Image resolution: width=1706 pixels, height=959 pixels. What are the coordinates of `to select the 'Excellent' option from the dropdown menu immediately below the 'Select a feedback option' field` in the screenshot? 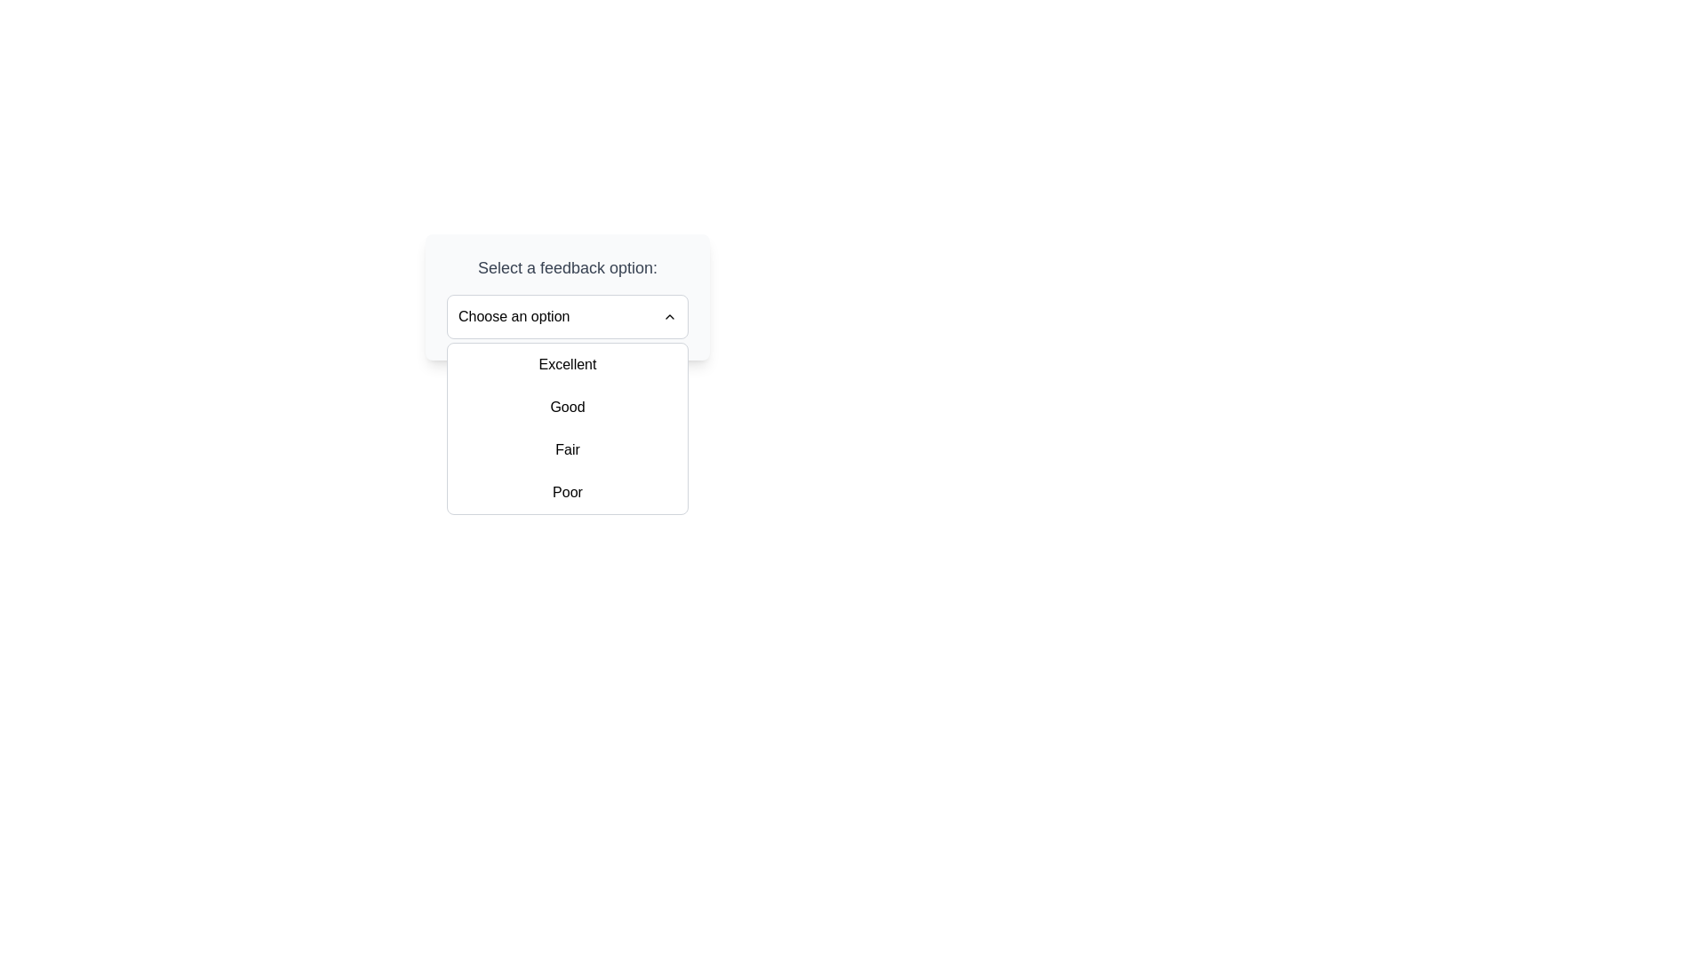 It's located at (566, 364).